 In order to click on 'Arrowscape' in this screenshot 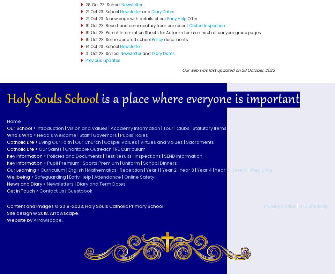, I will do `click(47, 219)`.